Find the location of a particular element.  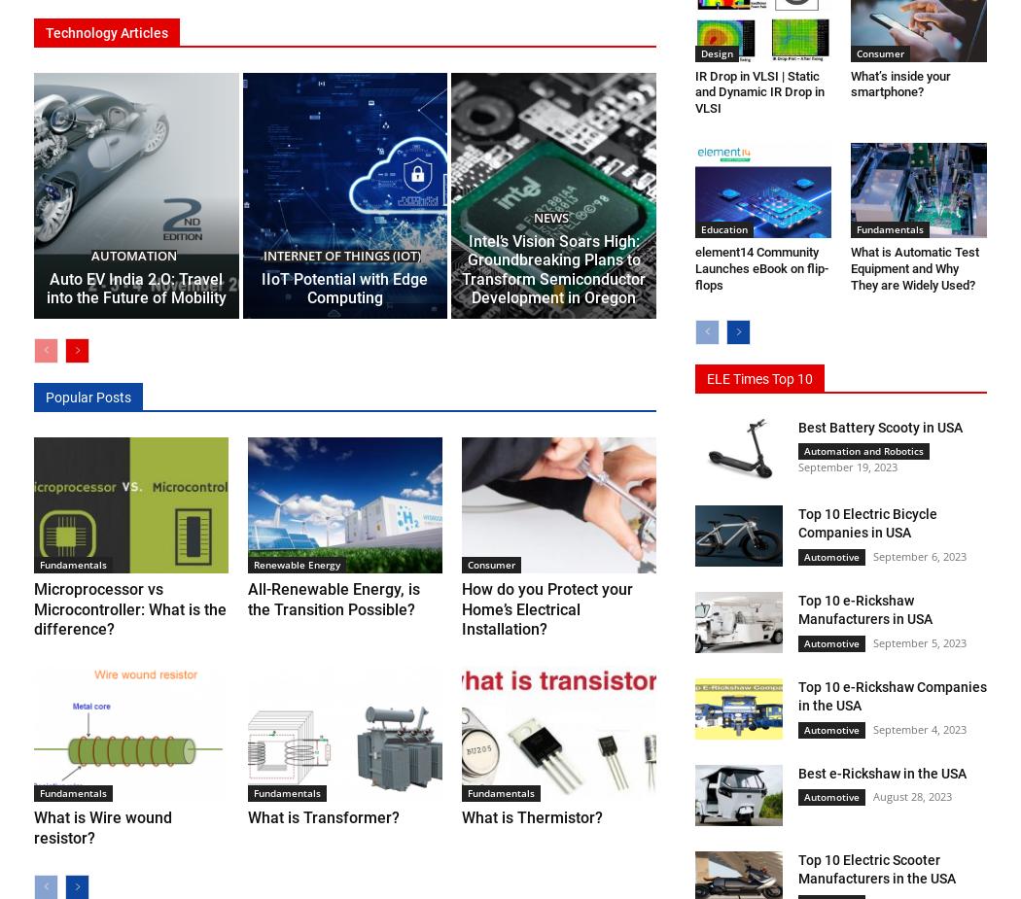

'Renewable Energy' is located at coordinates (297, 563).